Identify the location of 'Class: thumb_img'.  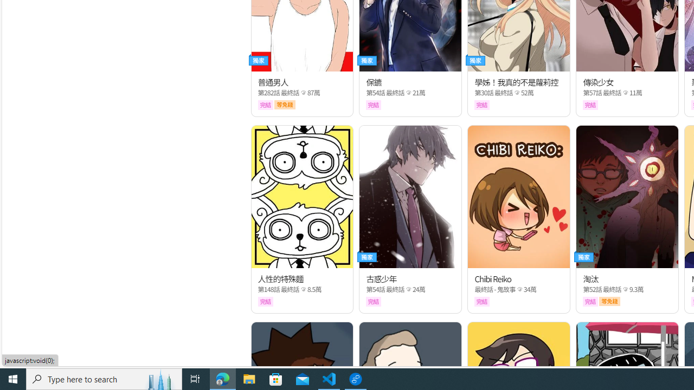
(627, 197).